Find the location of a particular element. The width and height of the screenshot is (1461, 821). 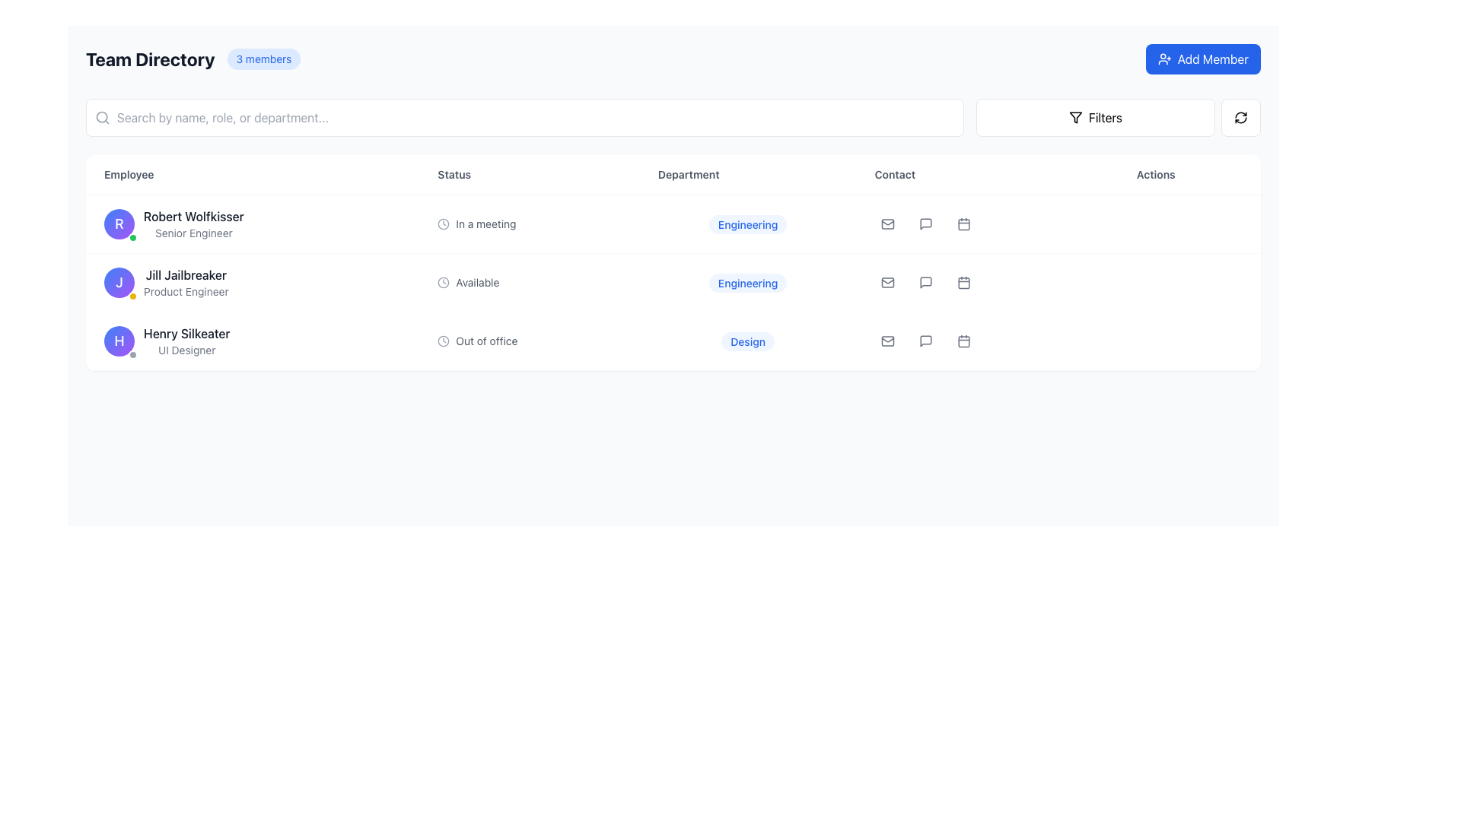

label text 'Design' located in the 'Department' column of the third row in the table corresponding to 'Henry Silkeater' is located at coordinates (748, 340).